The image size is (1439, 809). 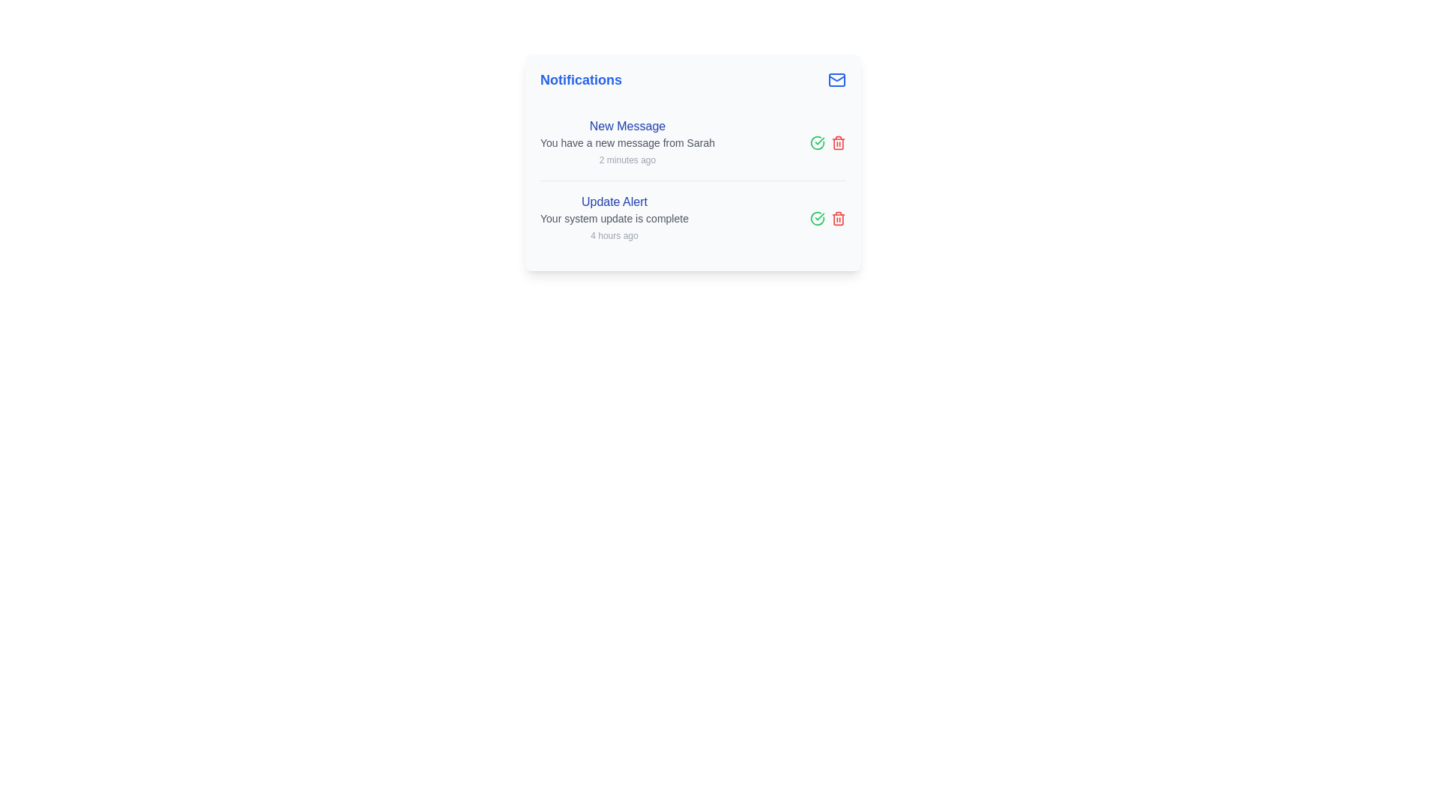 What do you see at coordinates (837, 143) in the screenshot?
I see `the small red trash bin icon located in the second notification row on the rightmost side of the notification card interface` at bounding box center [837, 143].